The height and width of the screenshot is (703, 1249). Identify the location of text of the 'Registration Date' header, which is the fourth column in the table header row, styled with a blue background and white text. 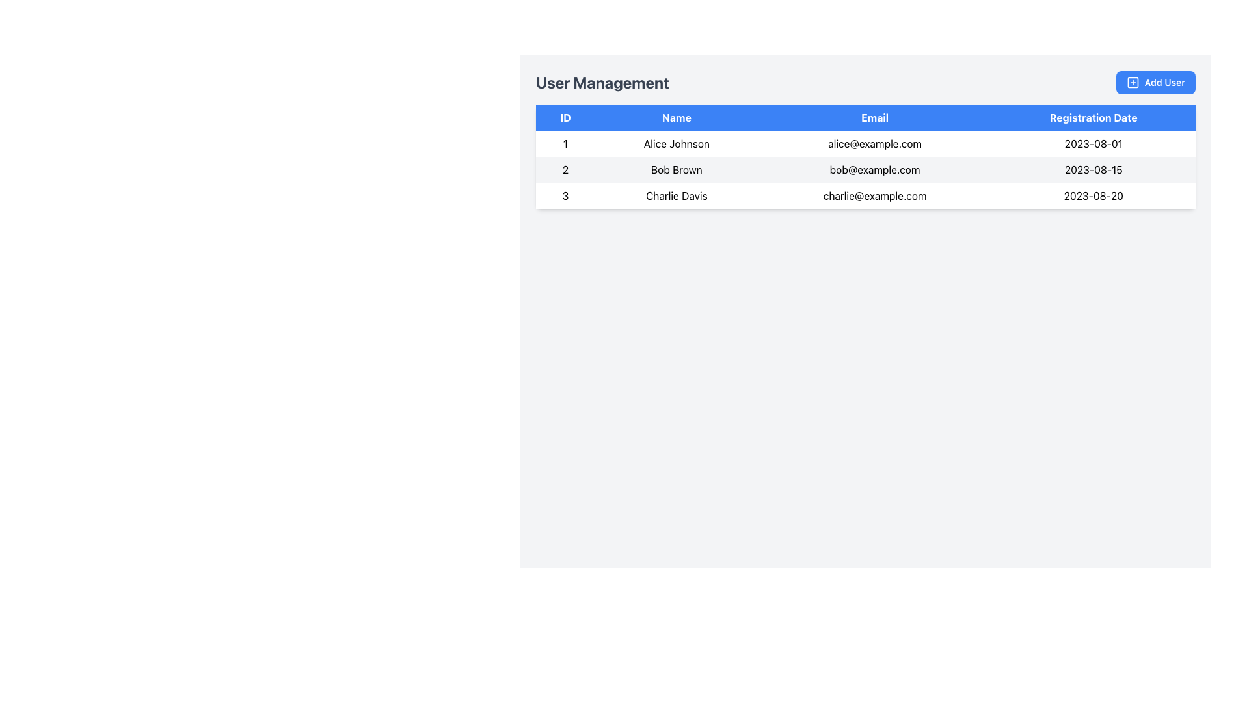
(1093, 118).